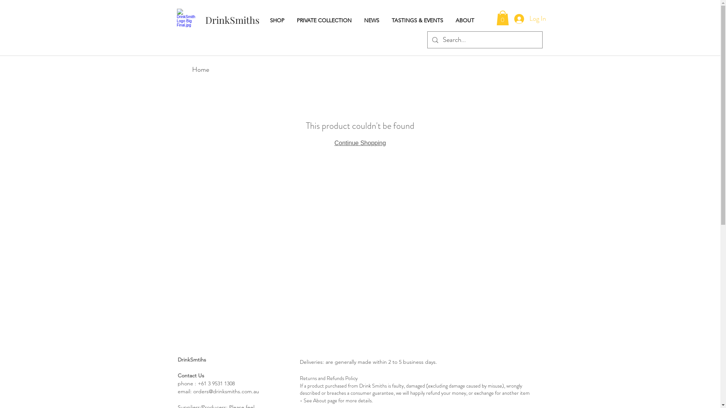 The height and width of the screenshot is (408, 726). What do you see at coordinates (466, 20) in the screenshot?
I see `'ABOUT'` at bounding box center [466, 20].